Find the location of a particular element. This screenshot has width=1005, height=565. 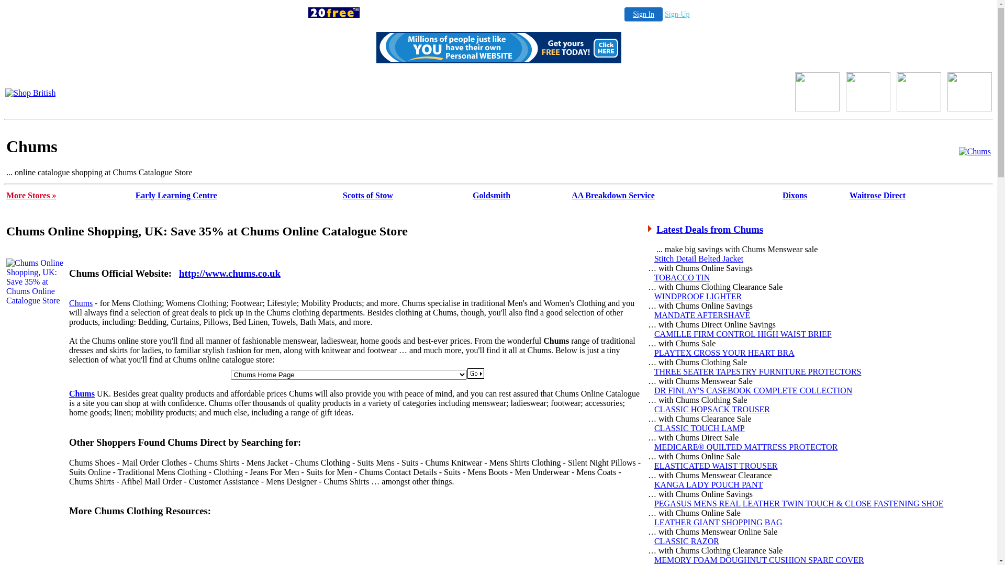

'MEMORY FOAM DOUGHNUT CUSHION SPARE COVER' is located at coordinates (653, 559).